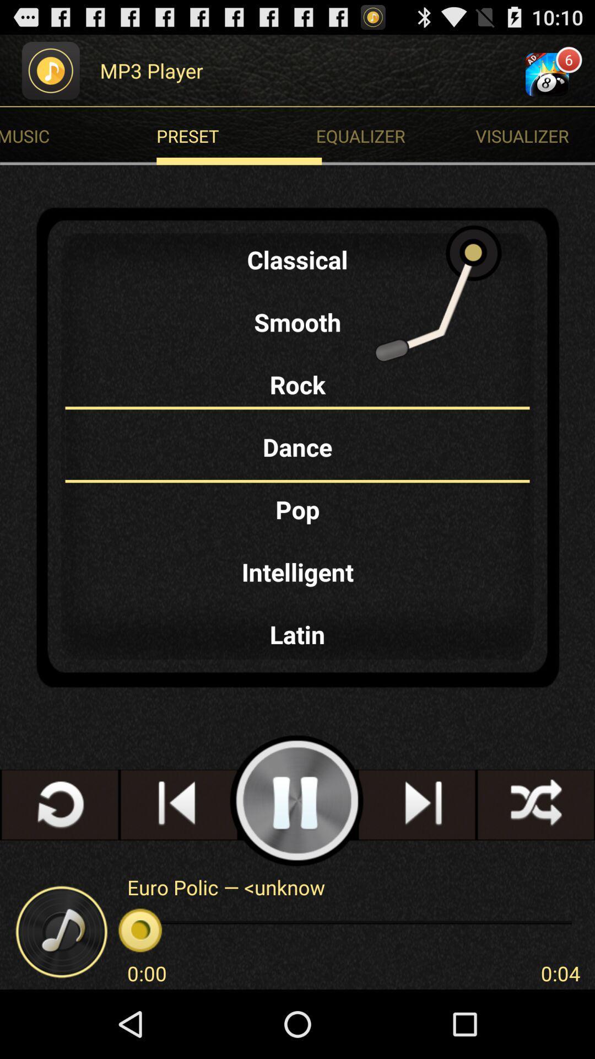 The height and width of the screenshot is (1059, 595). What do you see at coordinates (239, 135) in the screenshot?
I see `item next to the visualizer item` at bounding box center [239, 135].